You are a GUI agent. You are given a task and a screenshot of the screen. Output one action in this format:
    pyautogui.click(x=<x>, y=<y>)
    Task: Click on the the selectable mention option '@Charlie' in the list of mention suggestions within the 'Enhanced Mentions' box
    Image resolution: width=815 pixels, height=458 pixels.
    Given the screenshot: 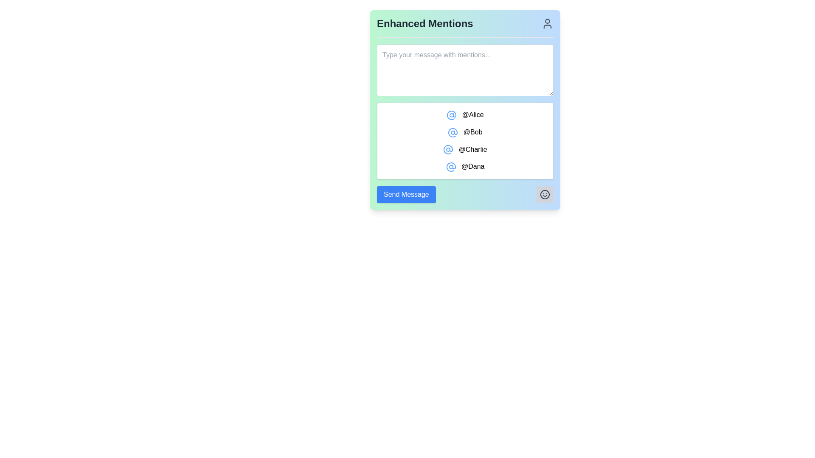 What is the action you would take?
    pyautogui.click(x=464, y=148)
    